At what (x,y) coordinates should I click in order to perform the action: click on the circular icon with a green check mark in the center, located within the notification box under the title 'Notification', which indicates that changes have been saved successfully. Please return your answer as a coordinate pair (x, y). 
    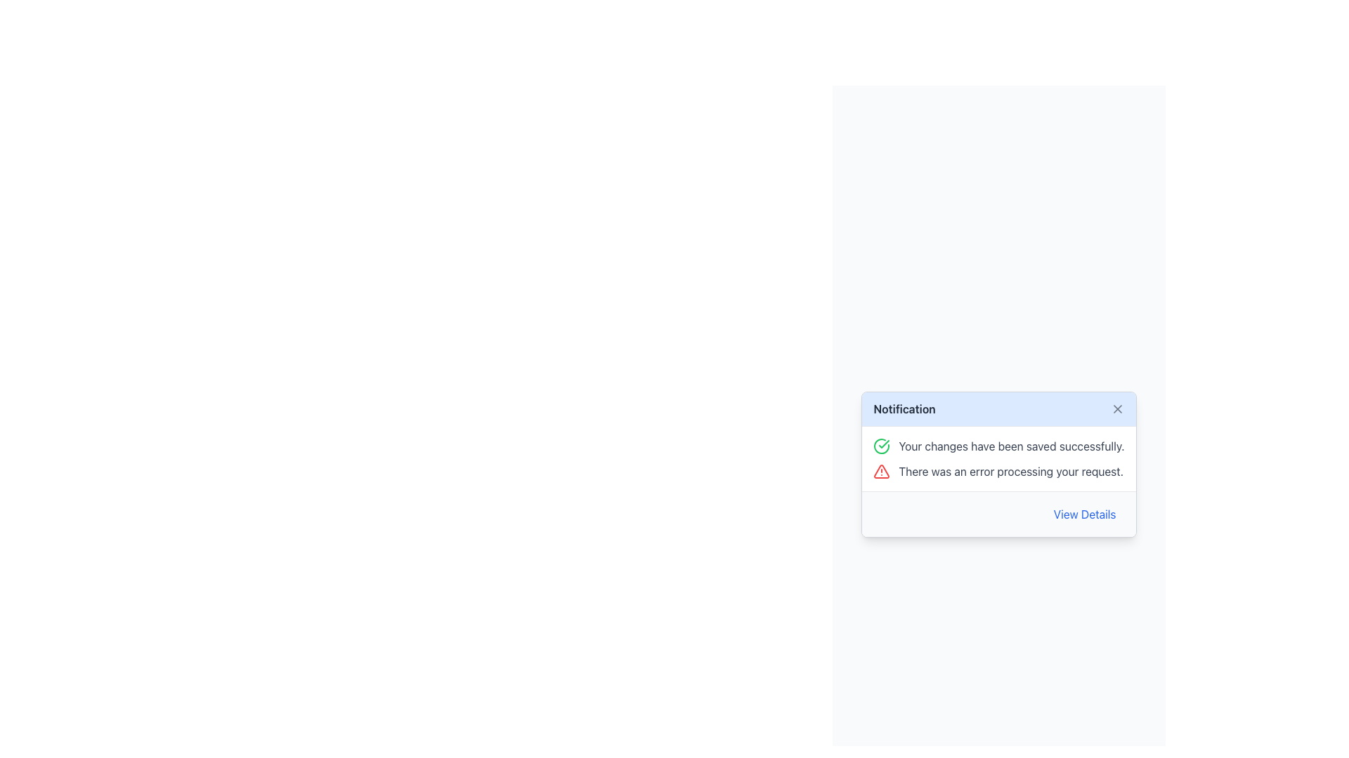
    Looking at the image, I should click on (881, 446).